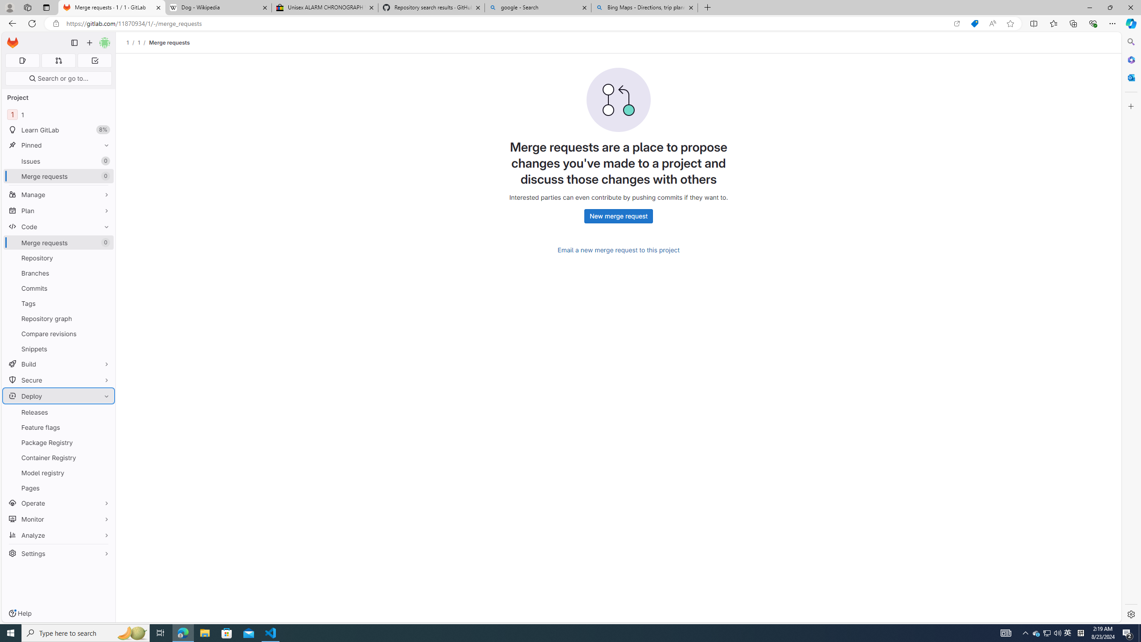  I want to click on 'Pin Commits', so click(104, 288).